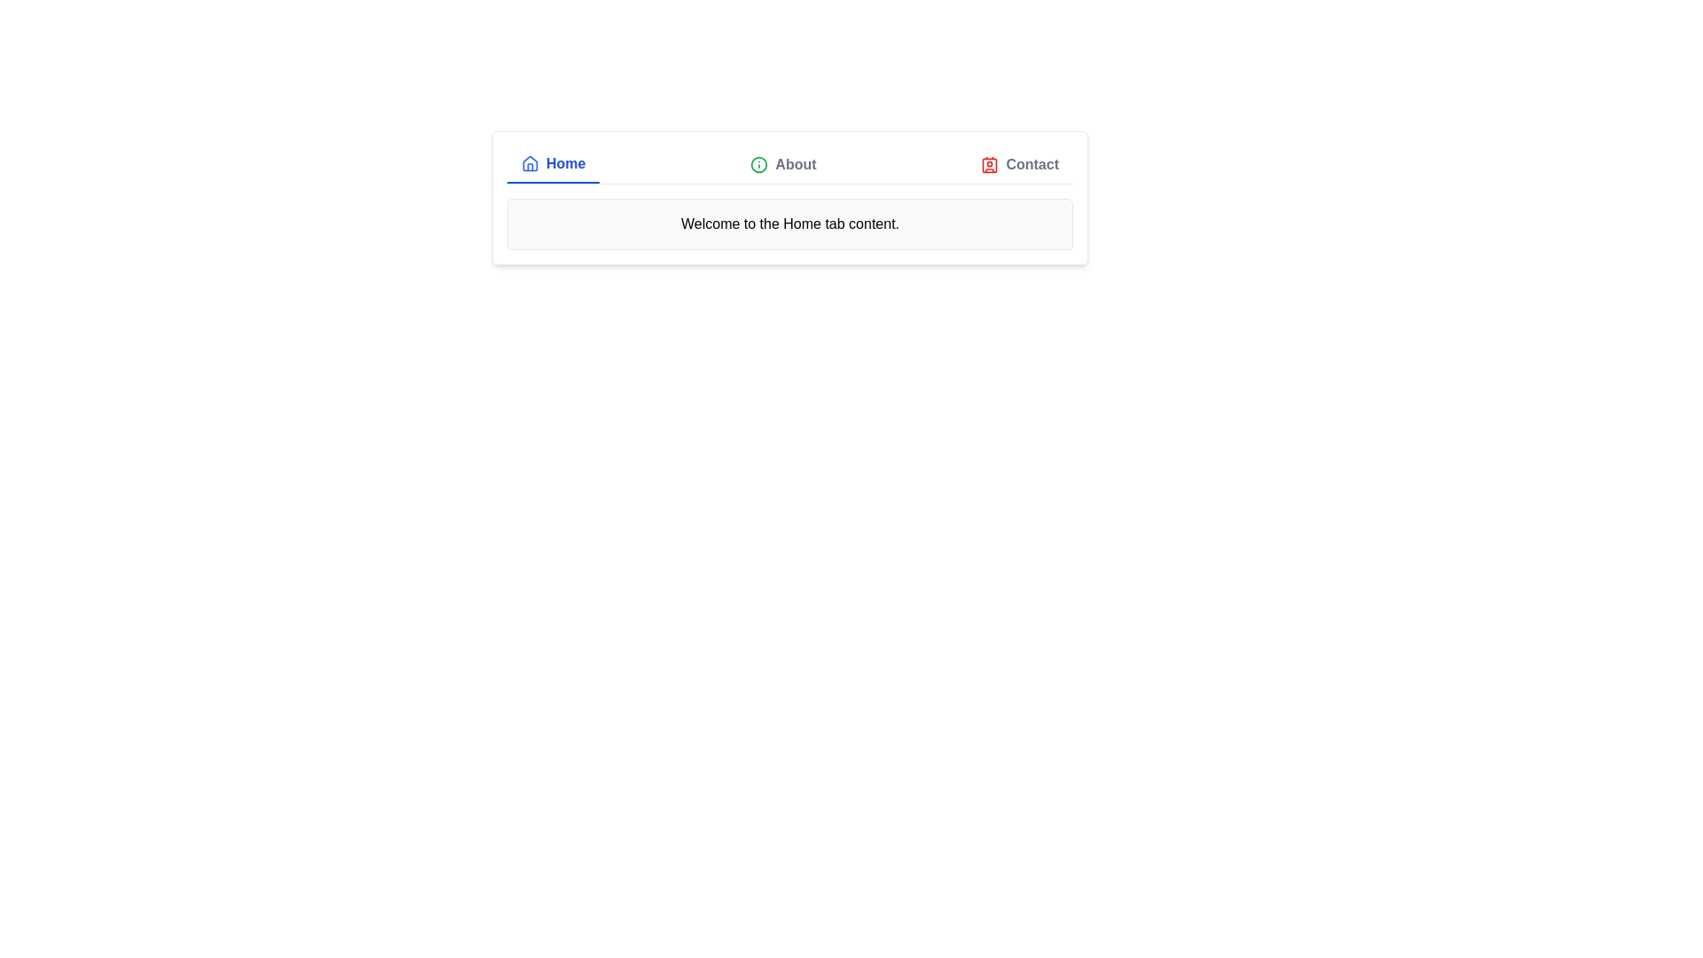 The height and width of the screenshot is (958, 1703). I want to click on the circular green graphical component located in the top navigation bar, representing the about tab, so click(759, 164).